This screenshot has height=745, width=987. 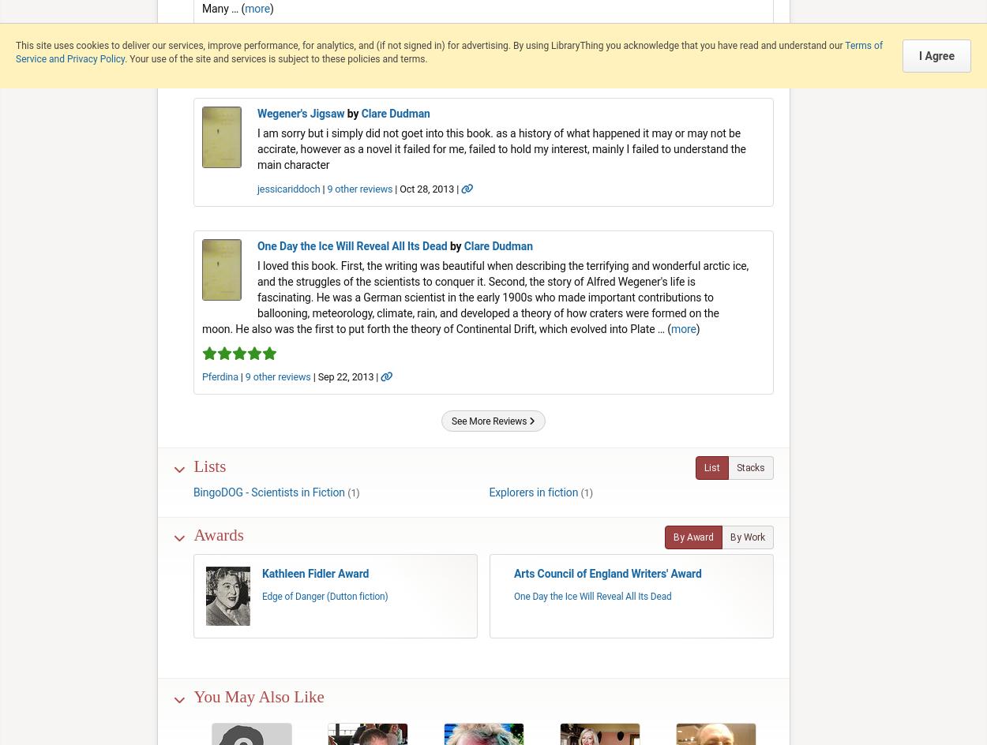 I want to click on 'I Agree', so click(x=936, y=54).